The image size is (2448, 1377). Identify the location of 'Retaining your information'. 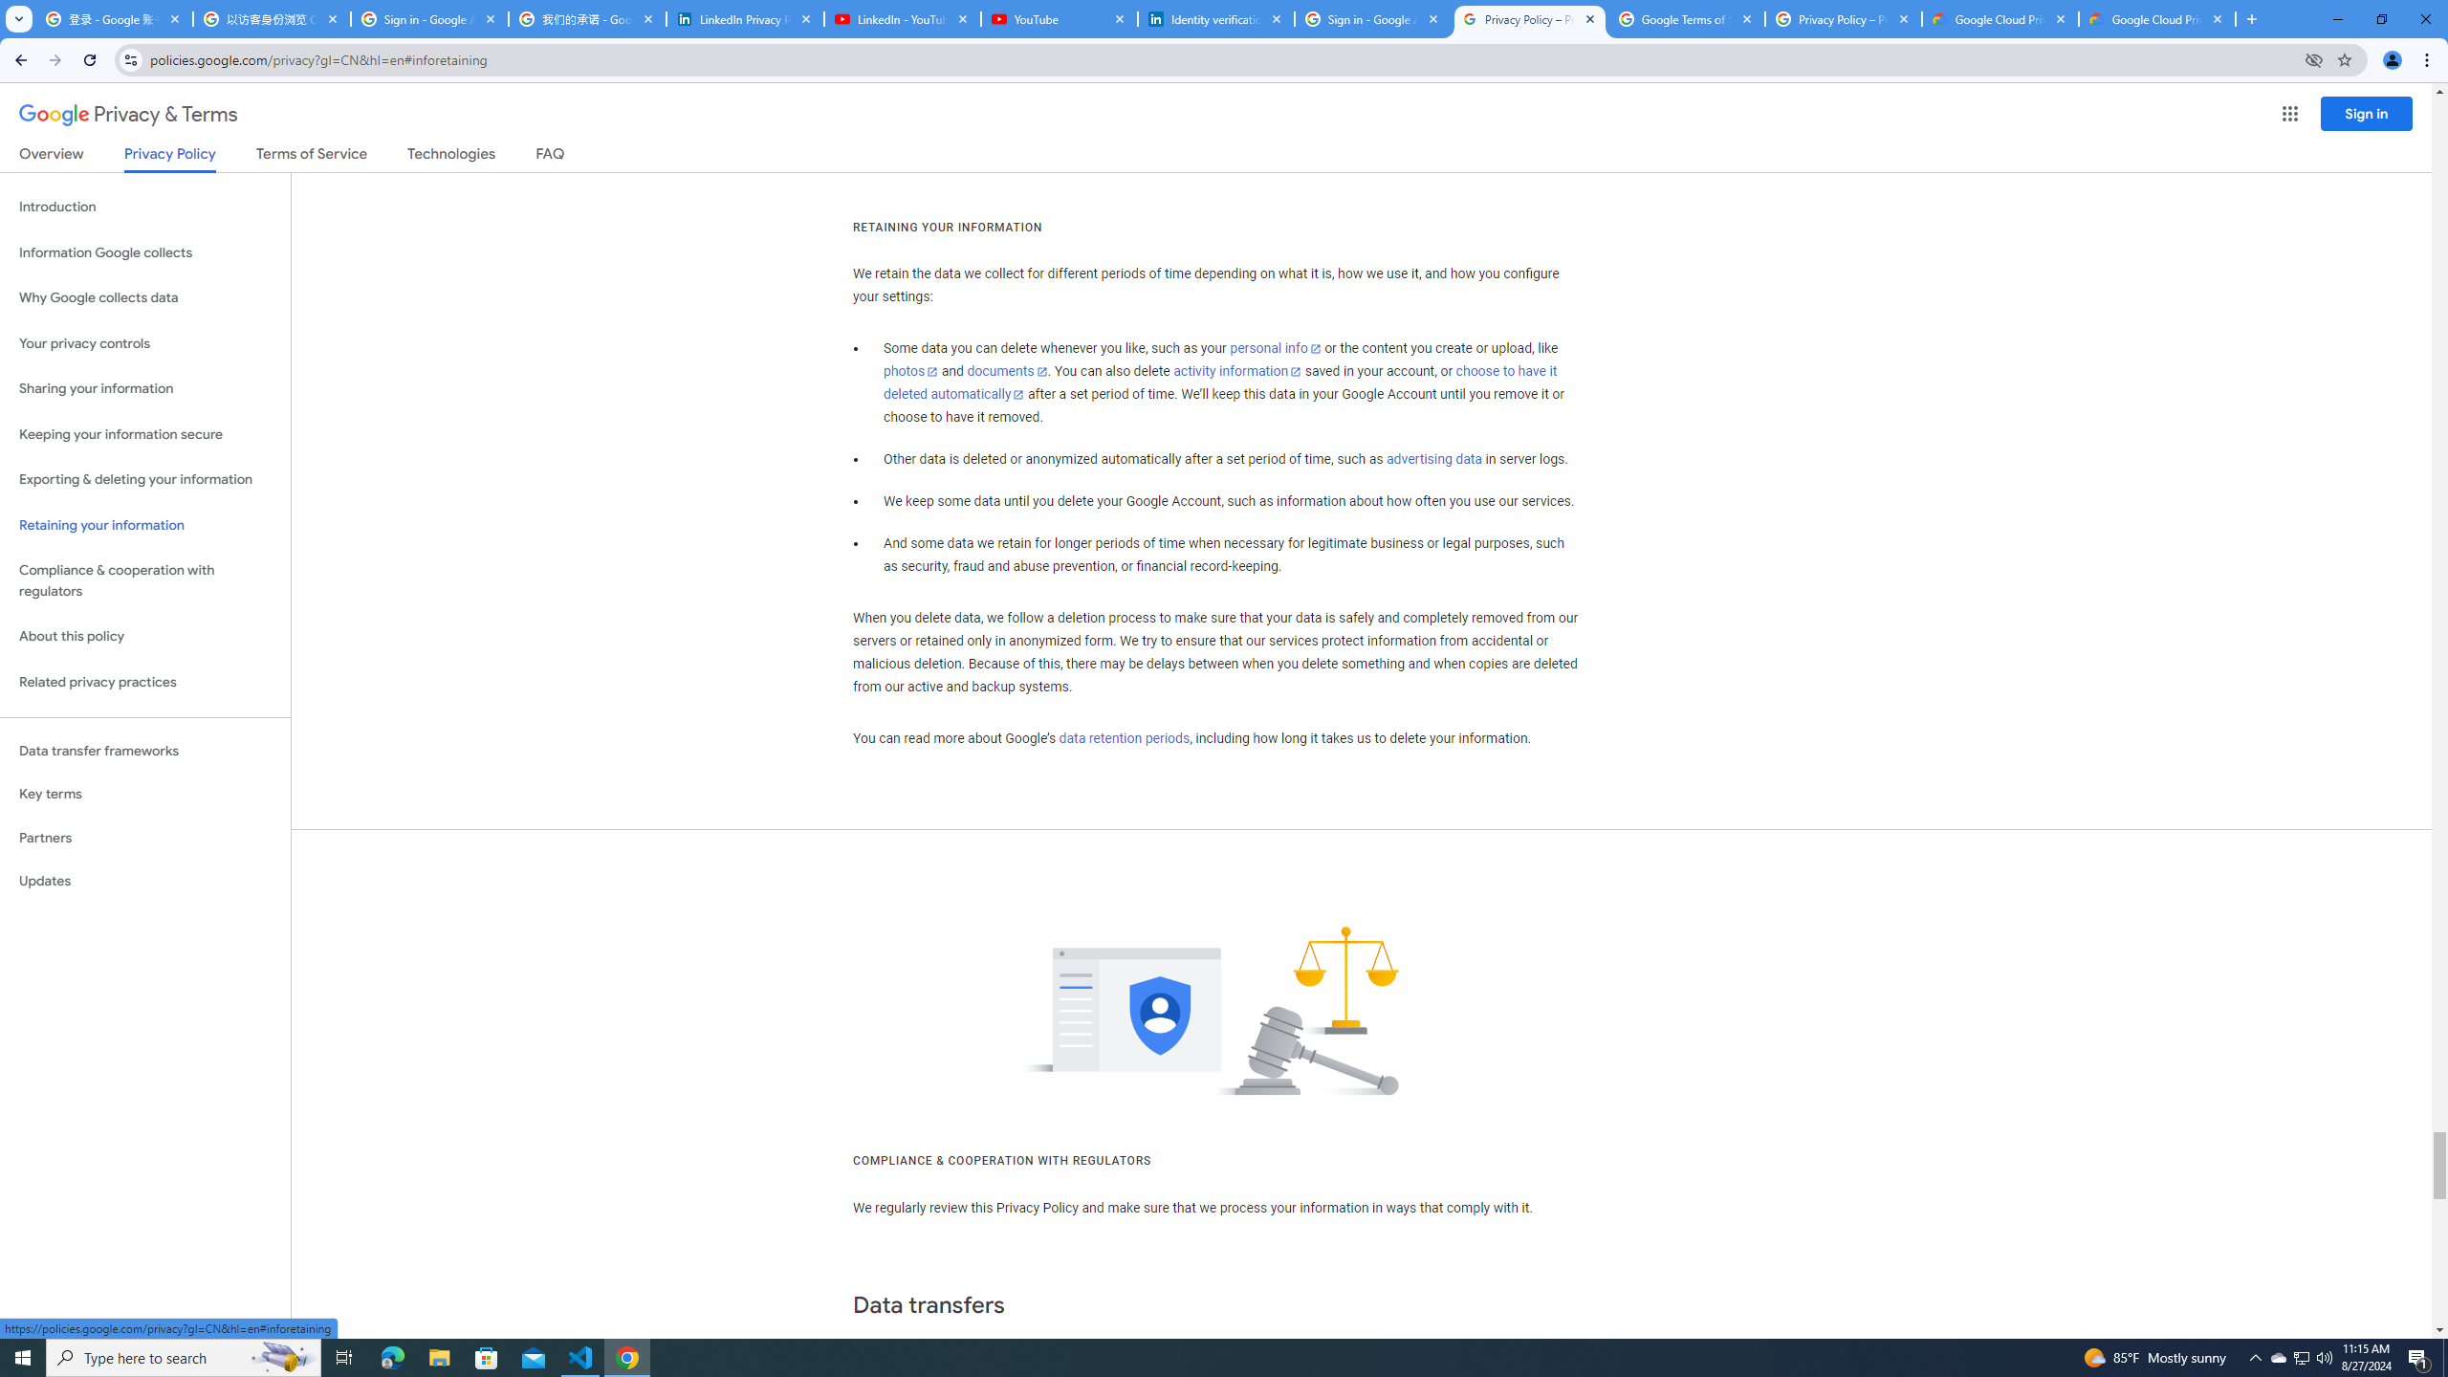
(144, 525).